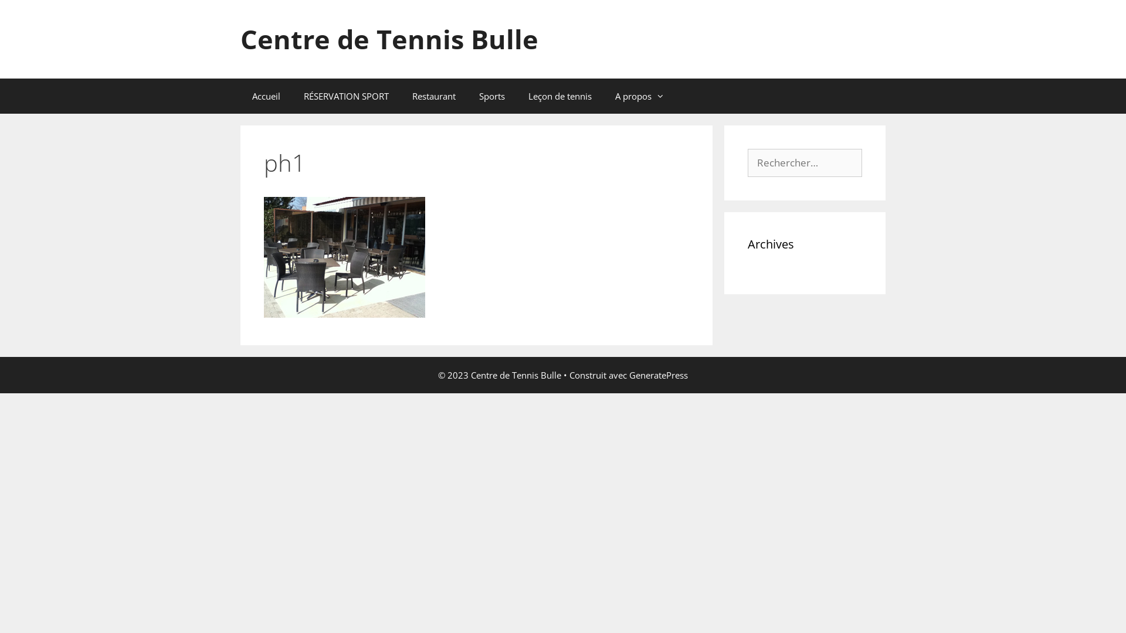 The height and width of the screenshot is (633, 1126). Describe the element at coordinates (433, 96) in the screenshot. I see `'Restaurant'` at that location.